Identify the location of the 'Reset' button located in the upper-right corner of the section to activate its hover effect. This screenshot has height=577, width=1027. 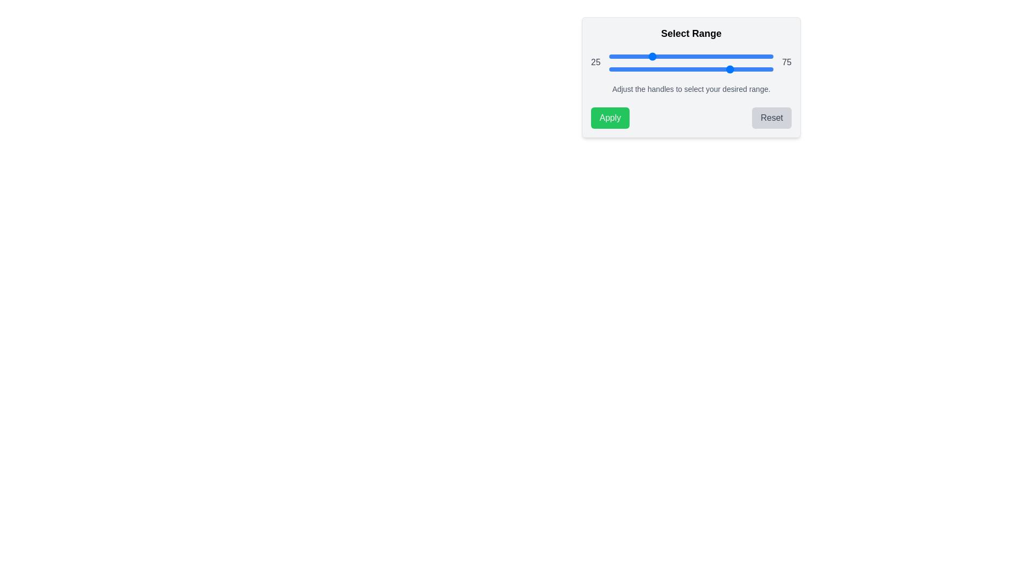
(772, 118).